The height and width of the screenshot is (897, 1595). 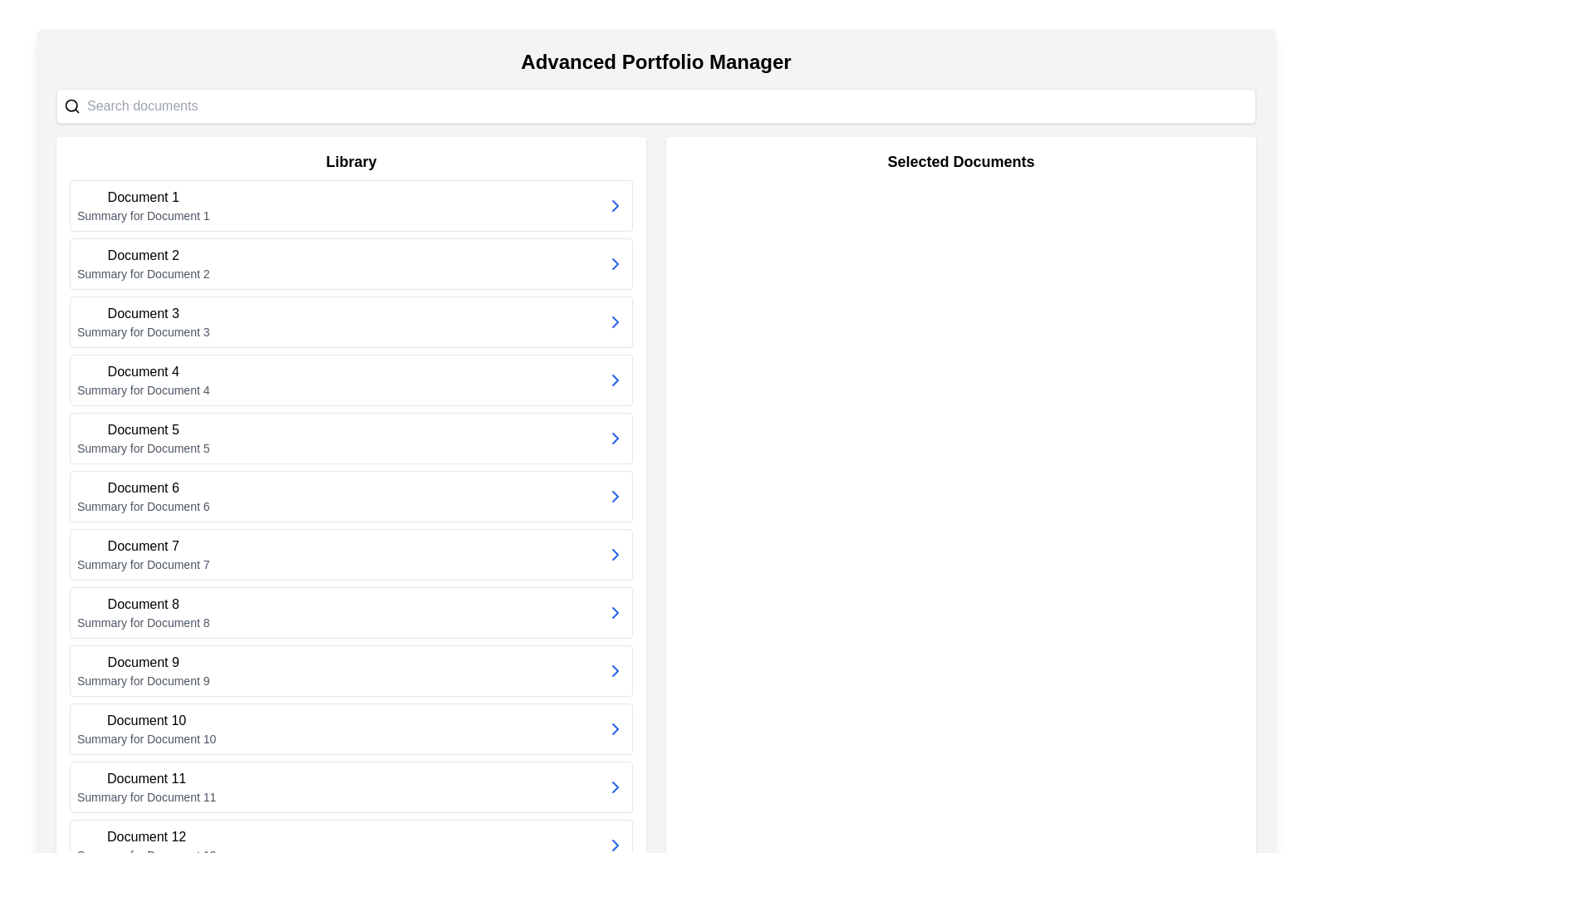 What do you see at coordinates (143, 204) in the screenshot?
I see `the topmost item descriptor in the 'Library' section, which displays 'Document 1' and 'Summary for Document 1'` at bounding box center [143, 204].